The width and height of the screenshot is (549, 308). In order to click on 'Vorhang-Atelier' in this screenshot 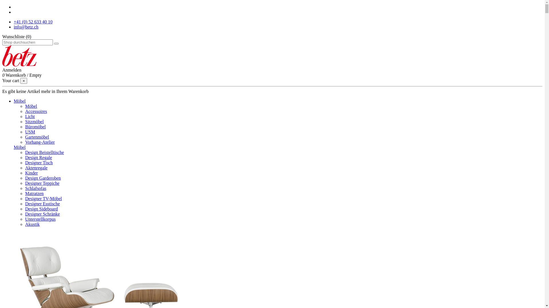, I will do `click(39, 142)`.